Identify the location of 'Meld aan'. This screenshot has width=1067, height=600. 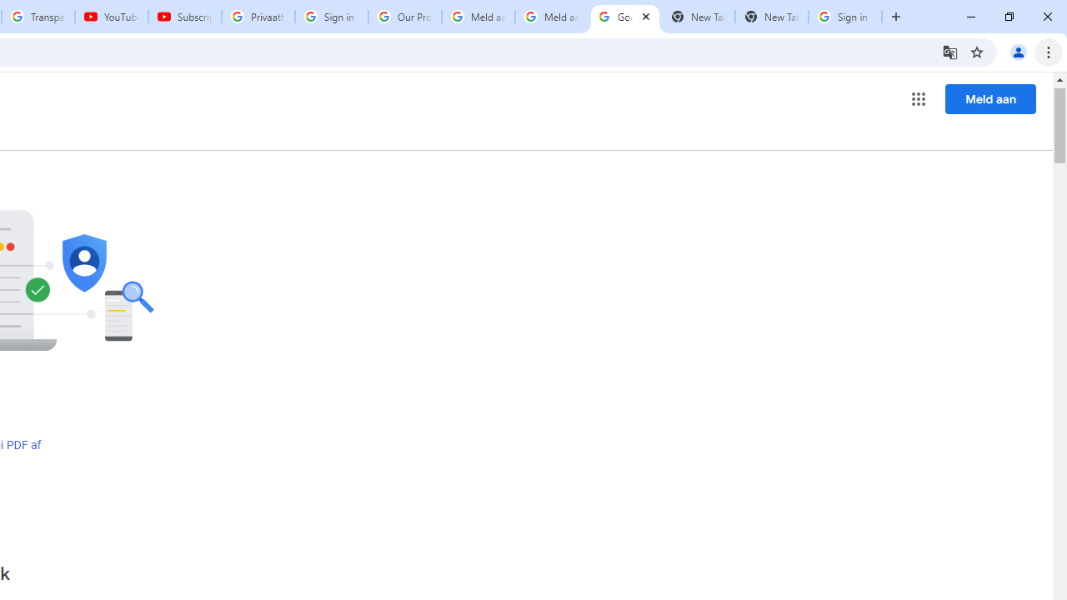
(990, 98).